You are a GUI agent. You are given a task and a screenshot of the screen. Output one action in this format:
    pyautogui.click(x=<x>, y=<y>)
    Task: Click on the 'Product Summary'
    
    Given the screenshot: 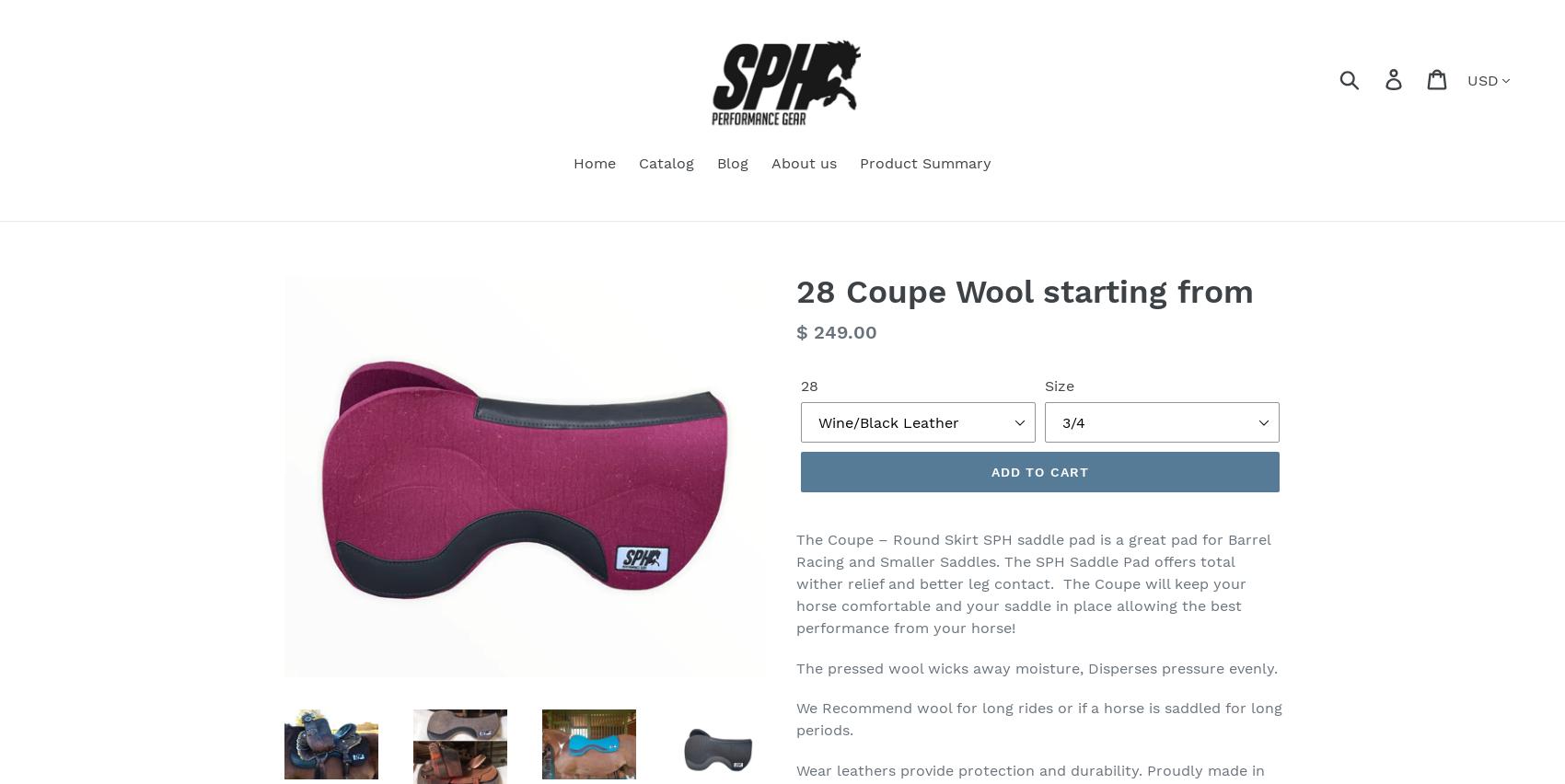 What is the action you would take?
    pyautogui.click(x=924, y=162)
    